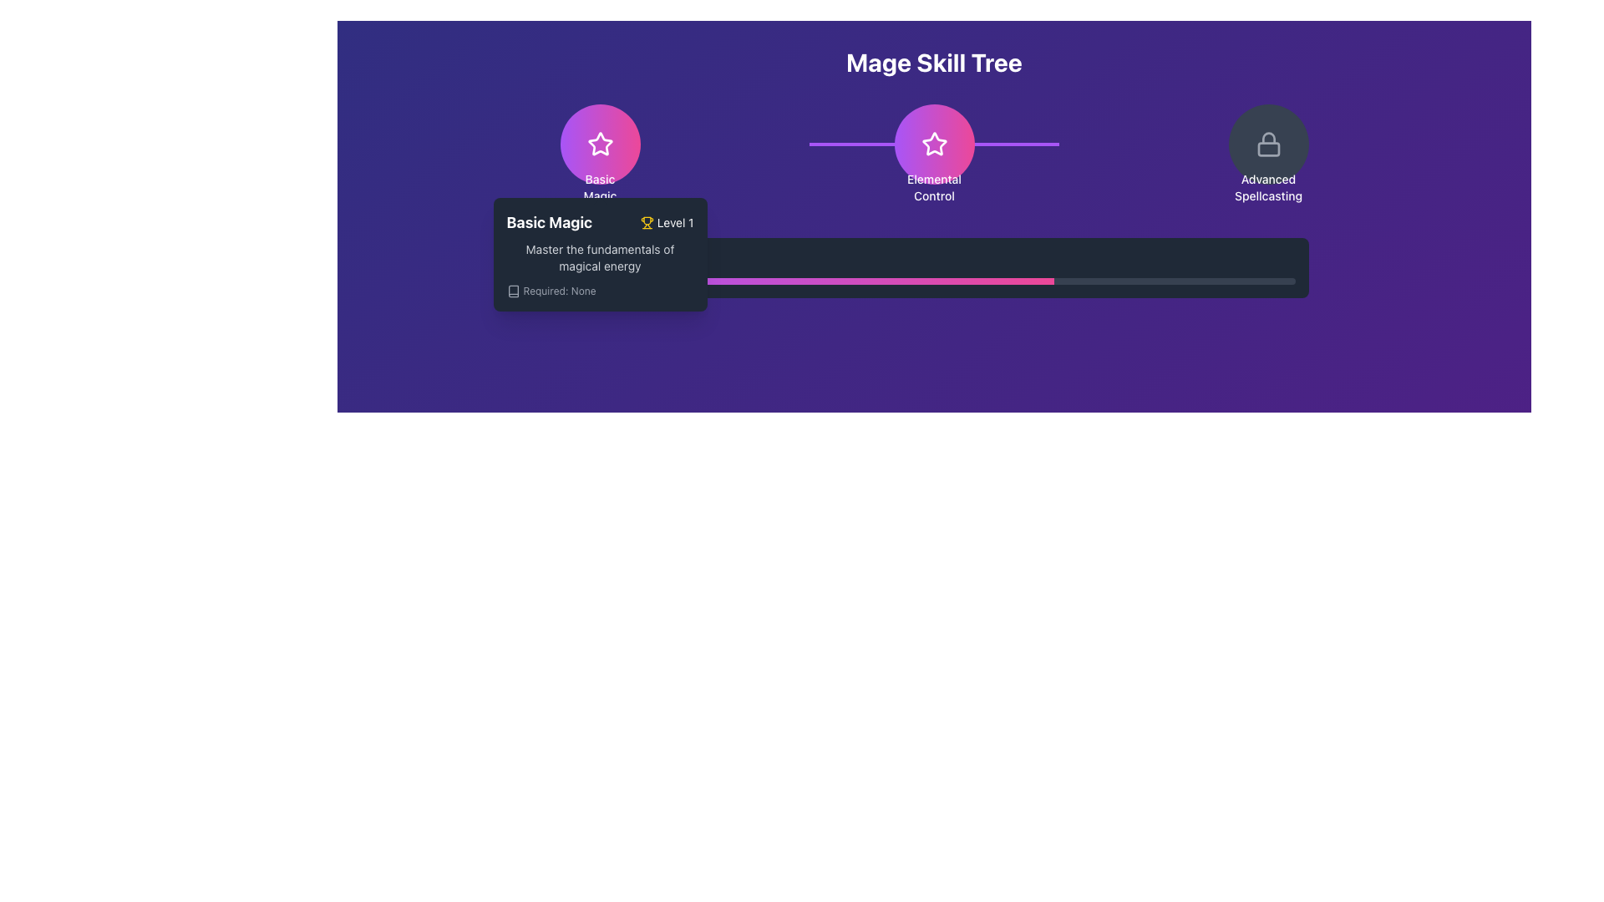 This screenshot has width=1604, height=902. Describe the element at coordinates (560, 290) in the screenshot. I see `the static informational label indicating the absence of requirements related to the item or action described in the 'Basic Magic' card, positioned at the bottom-left near the book icon` at that location.